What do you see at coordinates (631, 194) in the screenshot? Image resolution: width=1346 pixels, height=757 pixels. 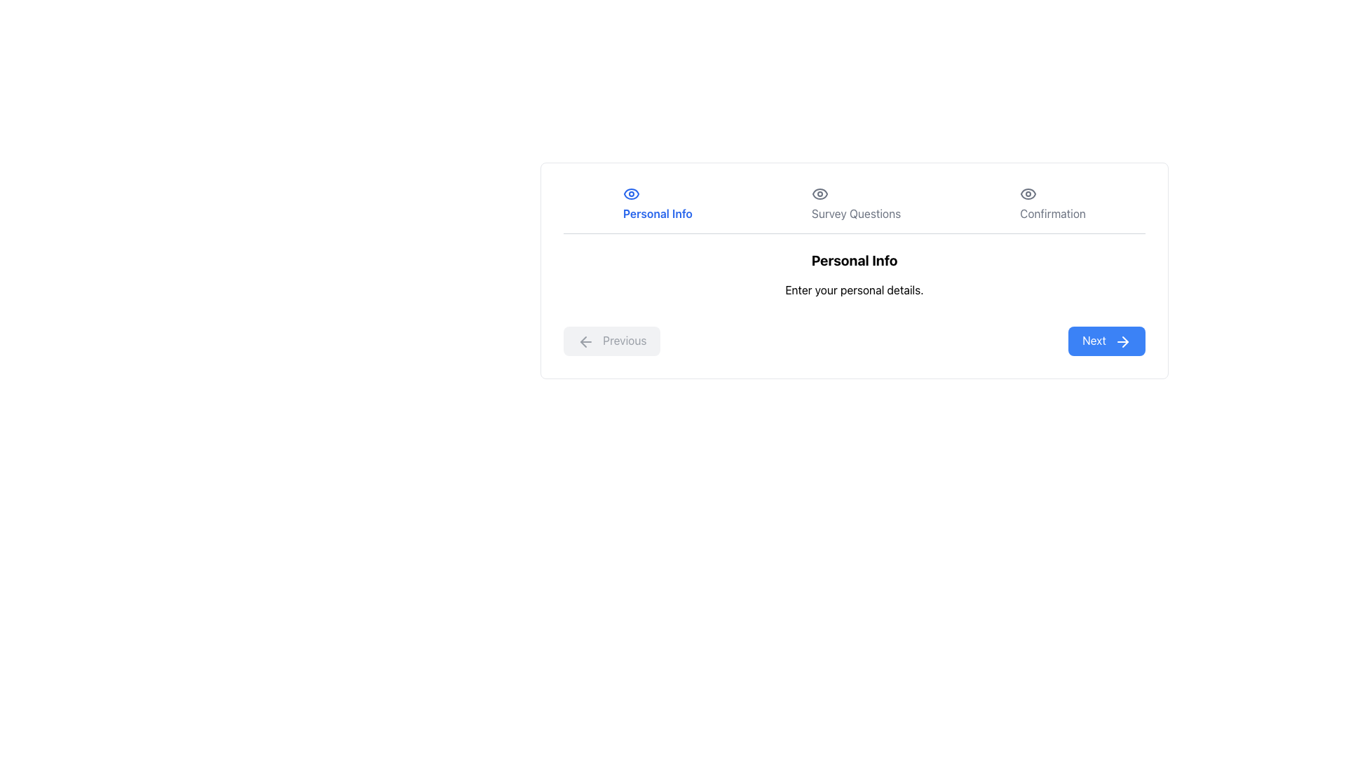 I see `the 'Personal Info' icon located to the left of the texts 'Survey Questions' and 'Confirmation', and directly above the text 'Personal Info'` at bounding box center [631, 194].